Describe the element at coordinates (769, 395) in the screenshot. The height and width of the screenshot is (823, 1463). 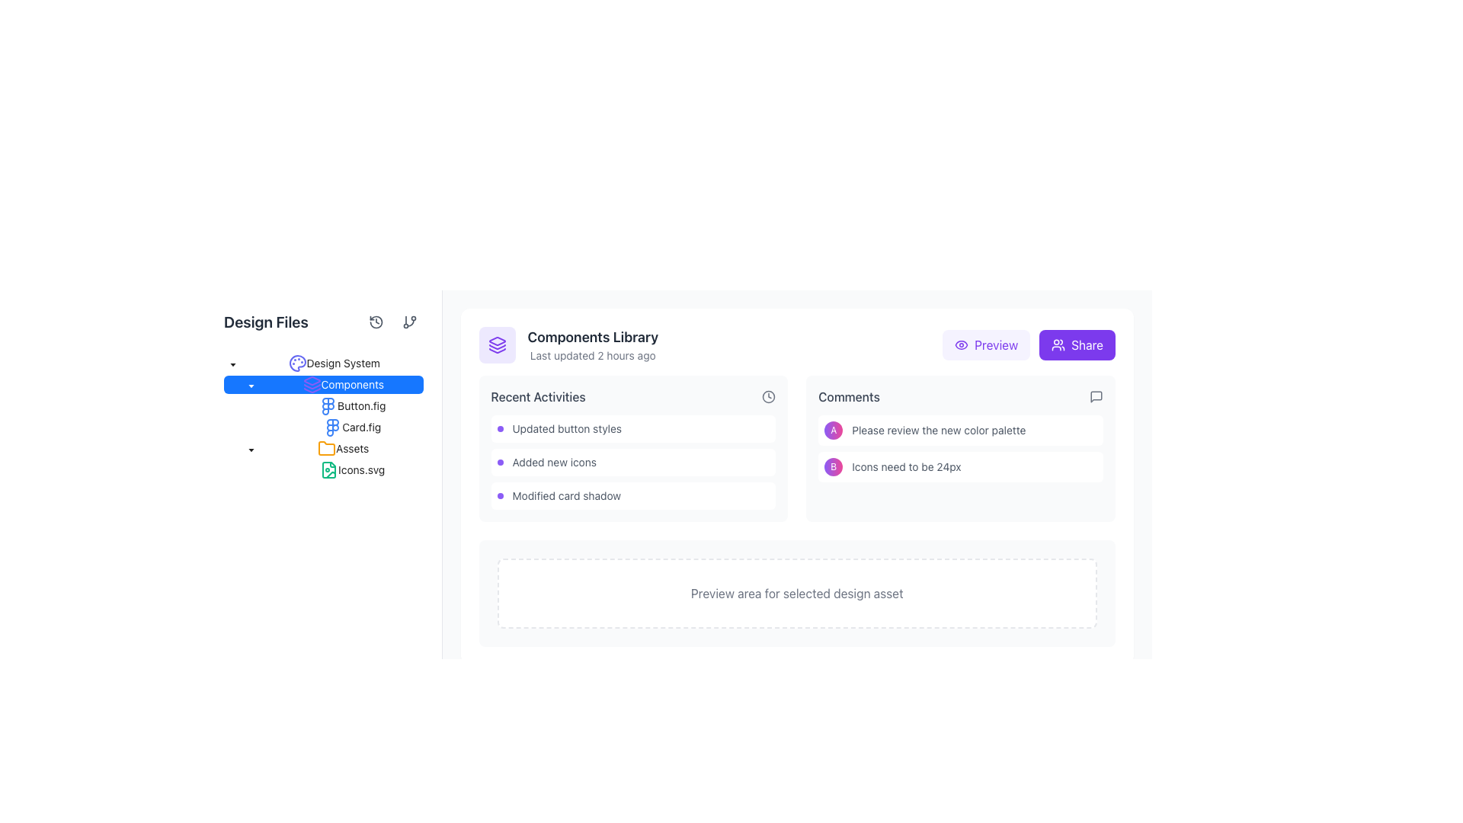
I see `the visual representation of the clock icon located at the top-right corner of the 'Recent Activities' section, adjacent to the 'Recent Activities' text` at that location.